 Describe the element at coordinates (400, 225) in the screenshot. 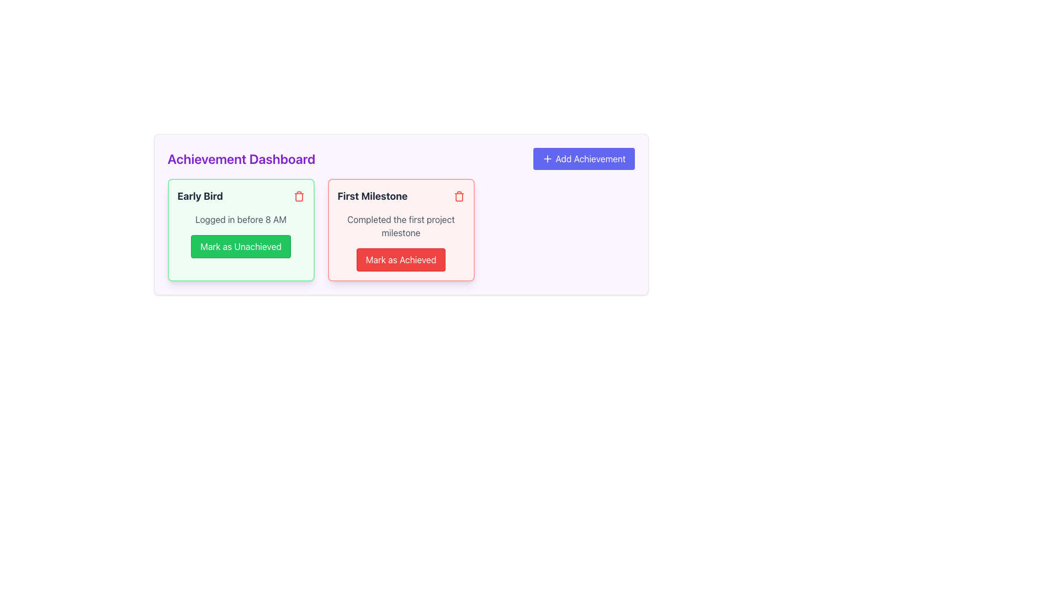

I see `the text element displaying 'Completed the first project milestone' which is centered in the card titled 'First Milestone'` at that location.